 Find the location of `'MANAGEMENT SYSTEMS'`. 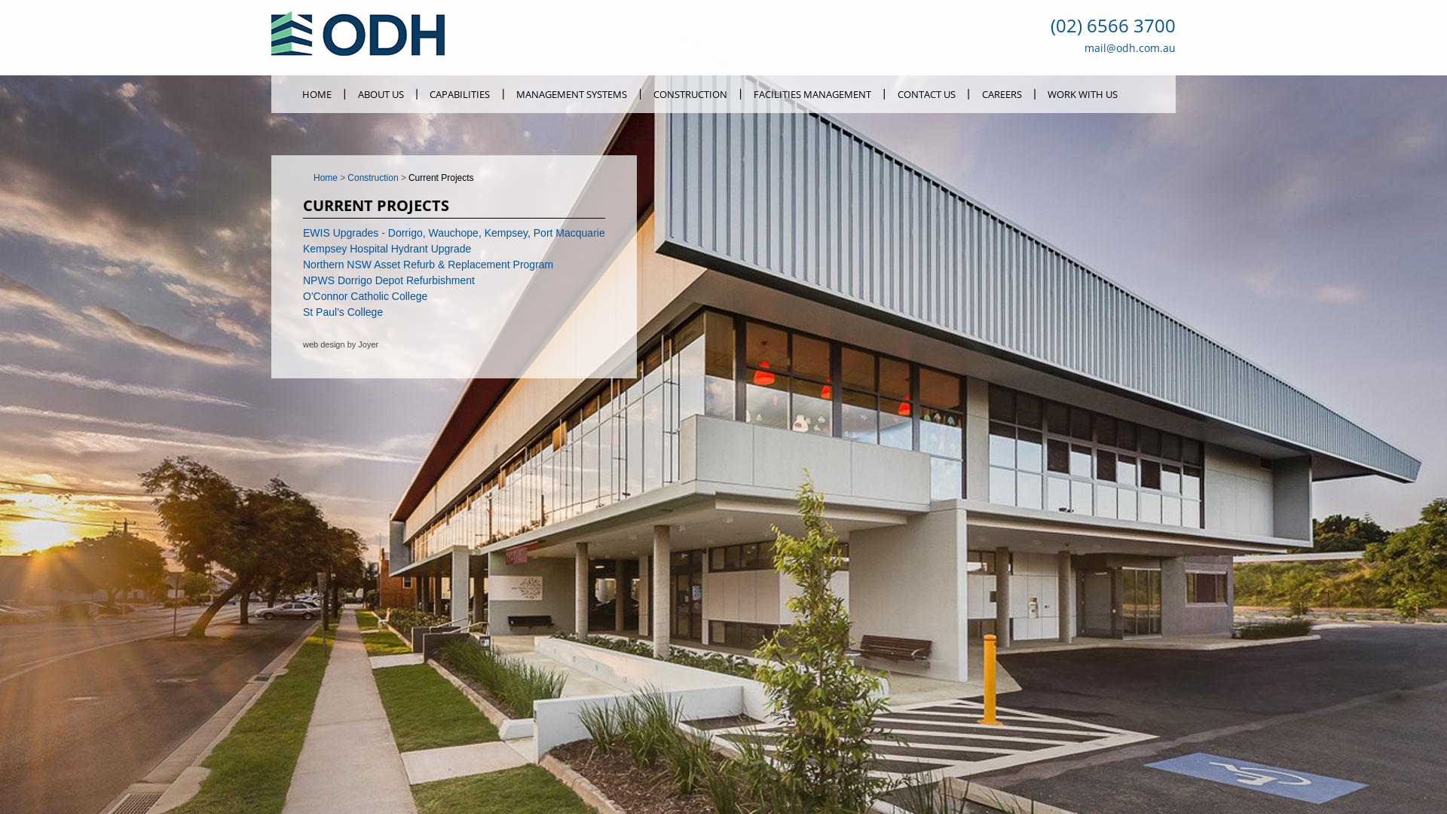

'MANAGEMENT SYSTEMS' is located at coordinates (571, 93).